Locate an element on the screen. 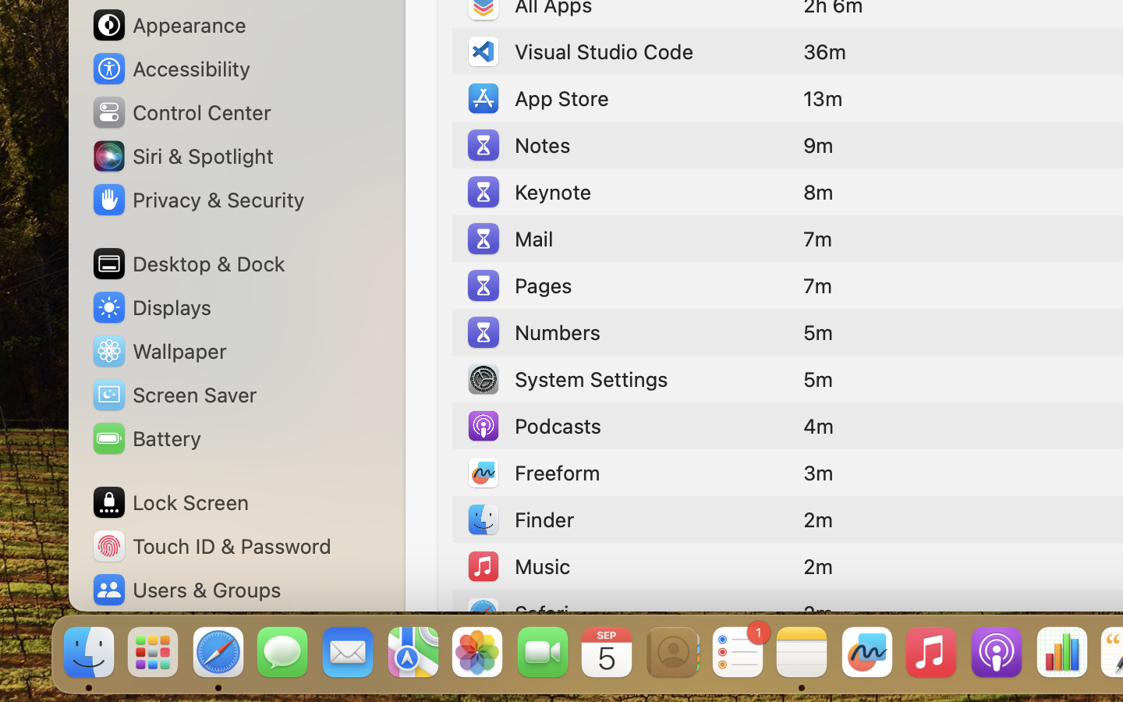  'Screen Saver' is located at coordinates (174, 393).